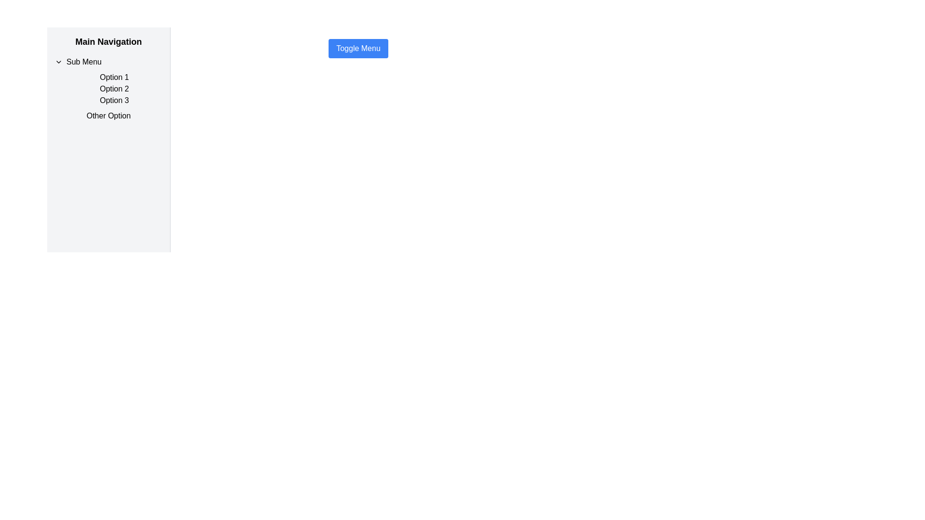 The width and height of the screenshot is (925, 520). What do you see at coordinates (108, 115) in the screenshot?
I see `the fourth text label in the vertical list under the 'Sub Menu' header` at bounding box center [108, 115].